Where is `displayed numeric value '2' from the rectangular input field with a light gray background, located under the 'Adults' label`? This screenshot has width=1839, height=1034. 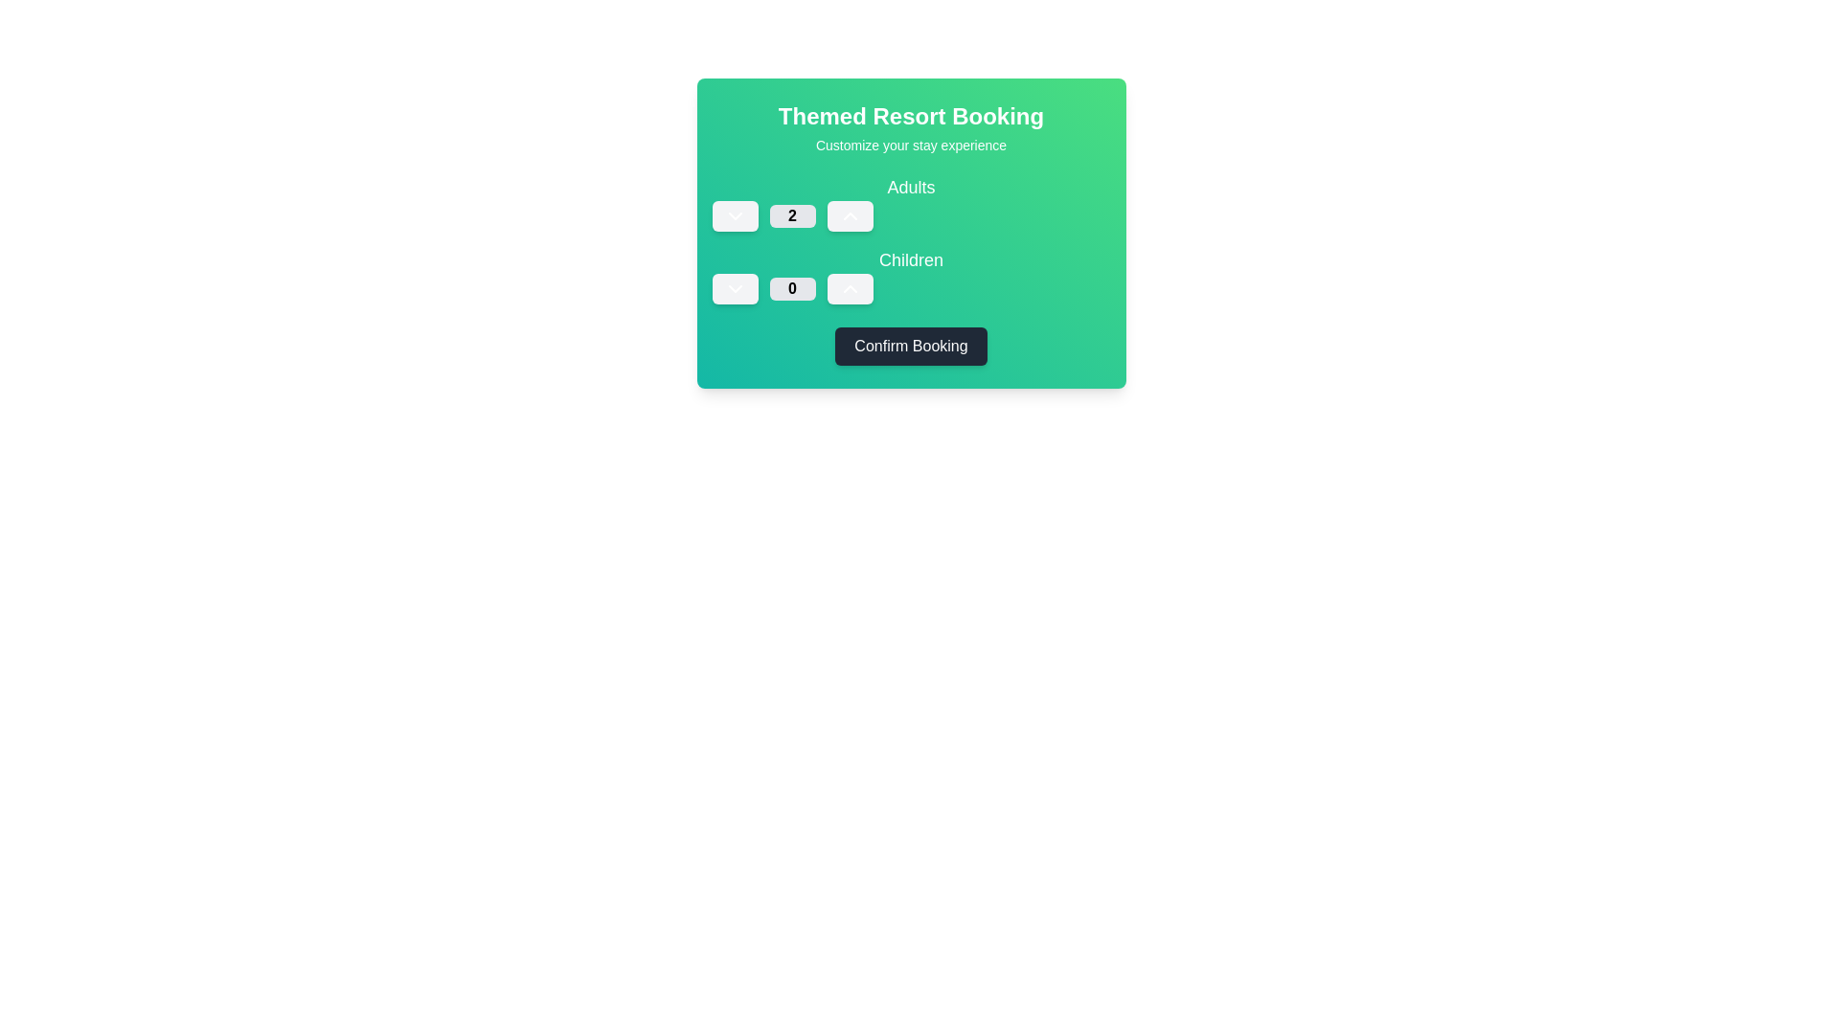 displayed numeric value '2' from the rectangular input field with a light gray background, located under the 'Adults' label is located at coordinates (792, 215).